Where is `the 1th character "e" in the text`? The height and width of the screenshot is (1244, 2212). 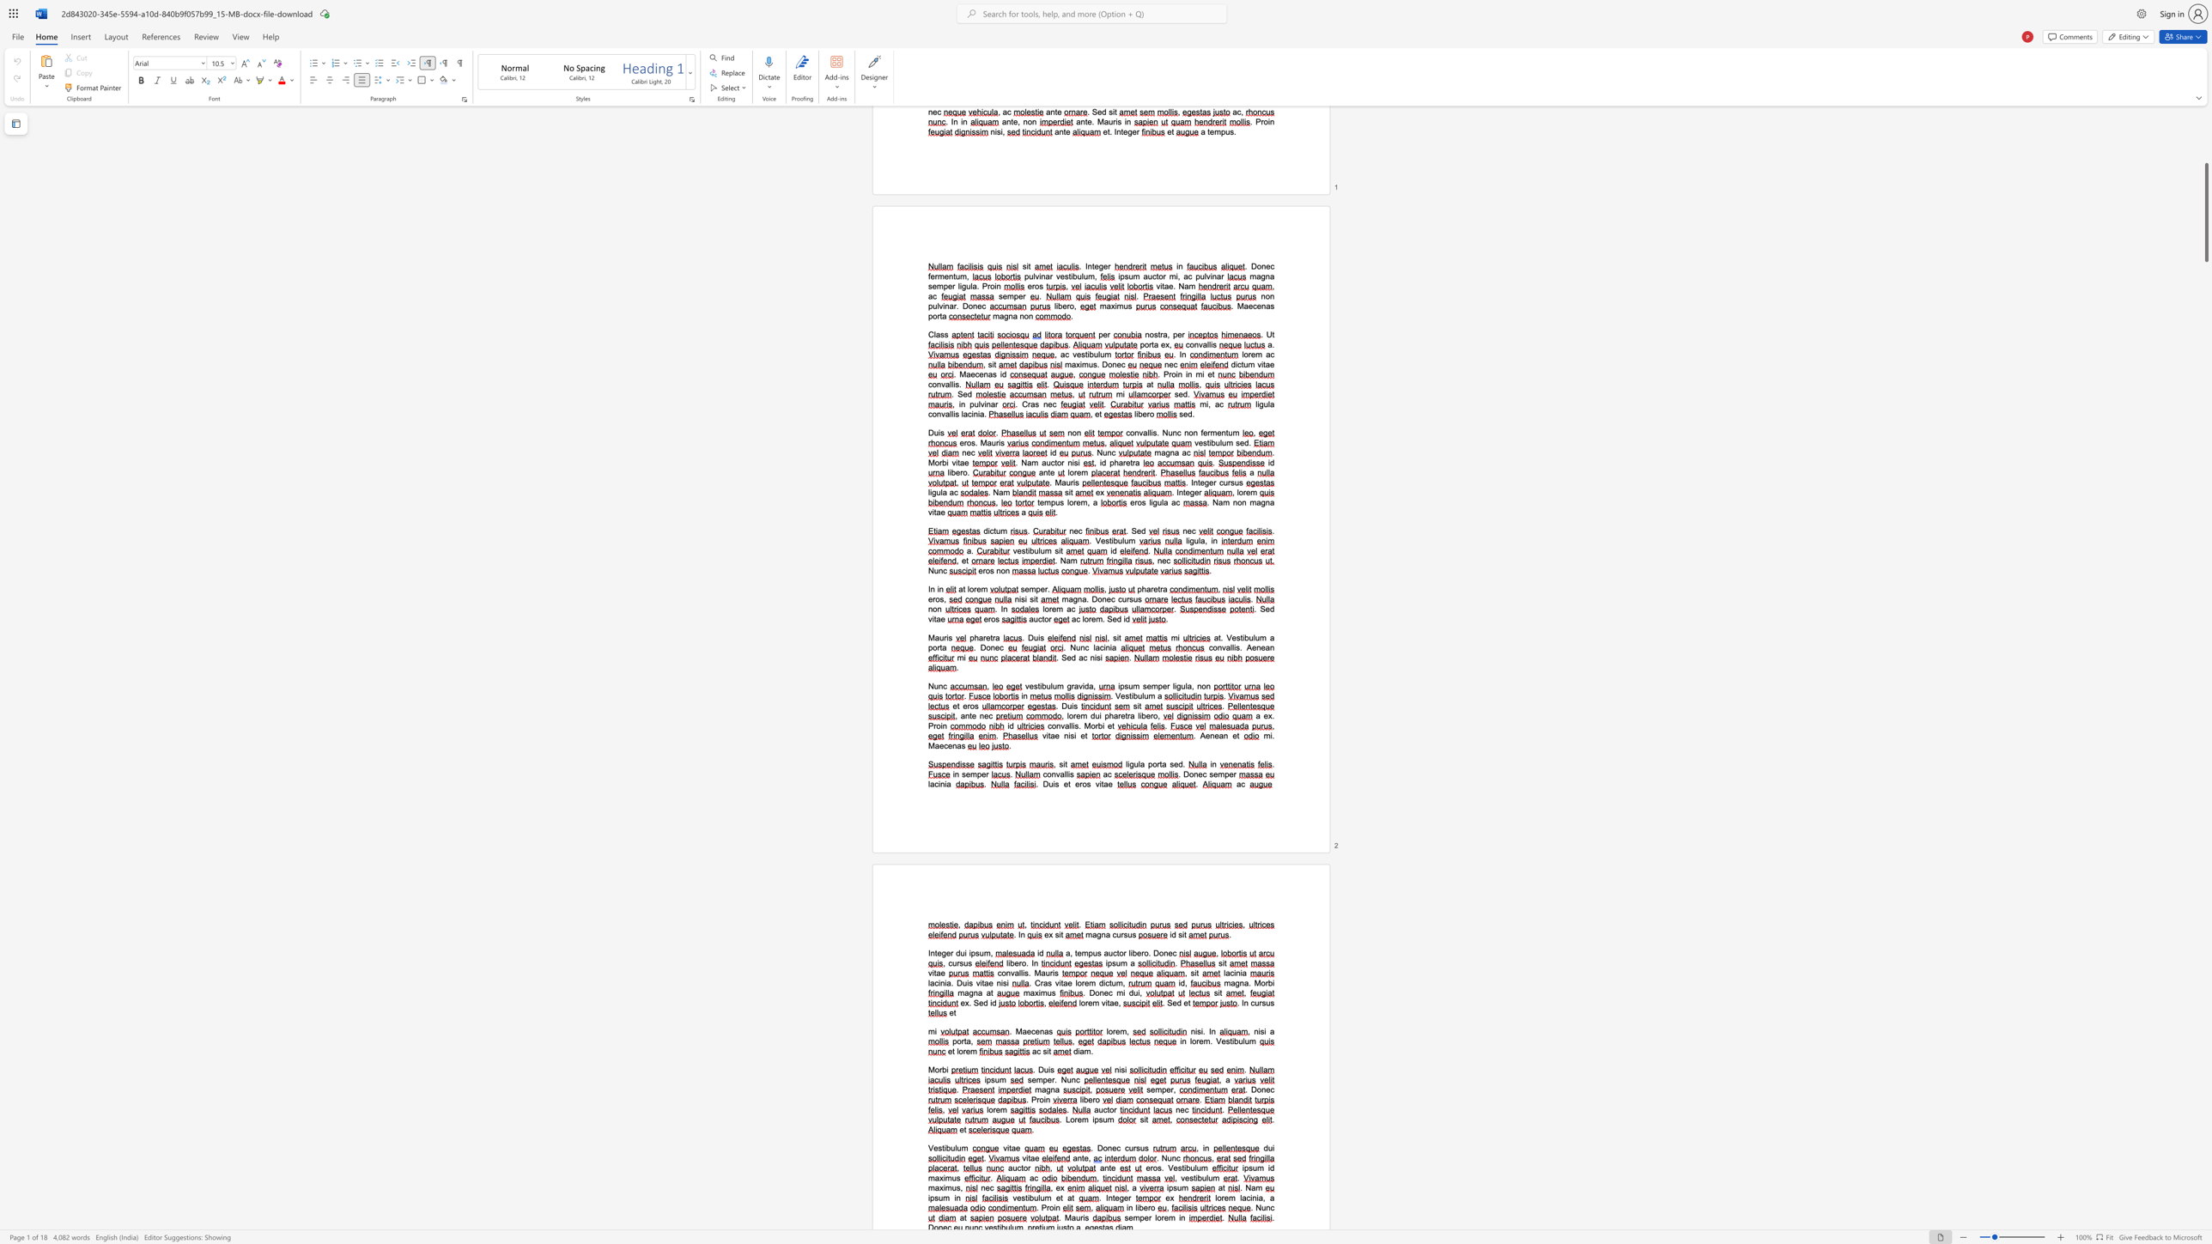 the 1th character "e" in the text is located at coordinates (973, 715).